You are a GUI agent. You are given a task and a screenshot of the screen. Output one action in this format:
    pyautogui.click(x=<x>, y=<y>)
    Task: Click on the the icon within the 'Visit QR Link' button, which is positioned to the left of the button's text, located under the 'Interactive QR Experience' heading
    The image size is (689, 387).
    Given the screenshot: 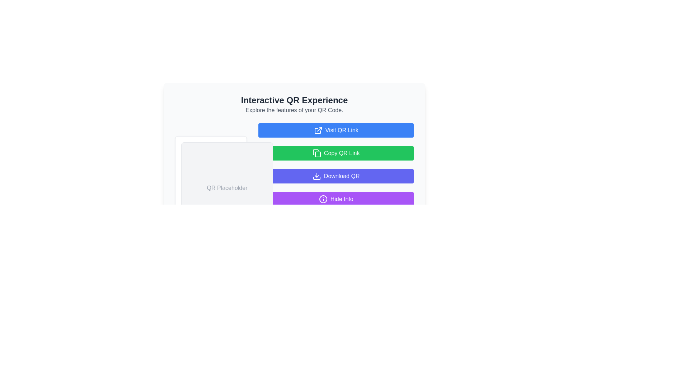 What is the action you would take?
    pyautogui.click(x=318, y=130)
    